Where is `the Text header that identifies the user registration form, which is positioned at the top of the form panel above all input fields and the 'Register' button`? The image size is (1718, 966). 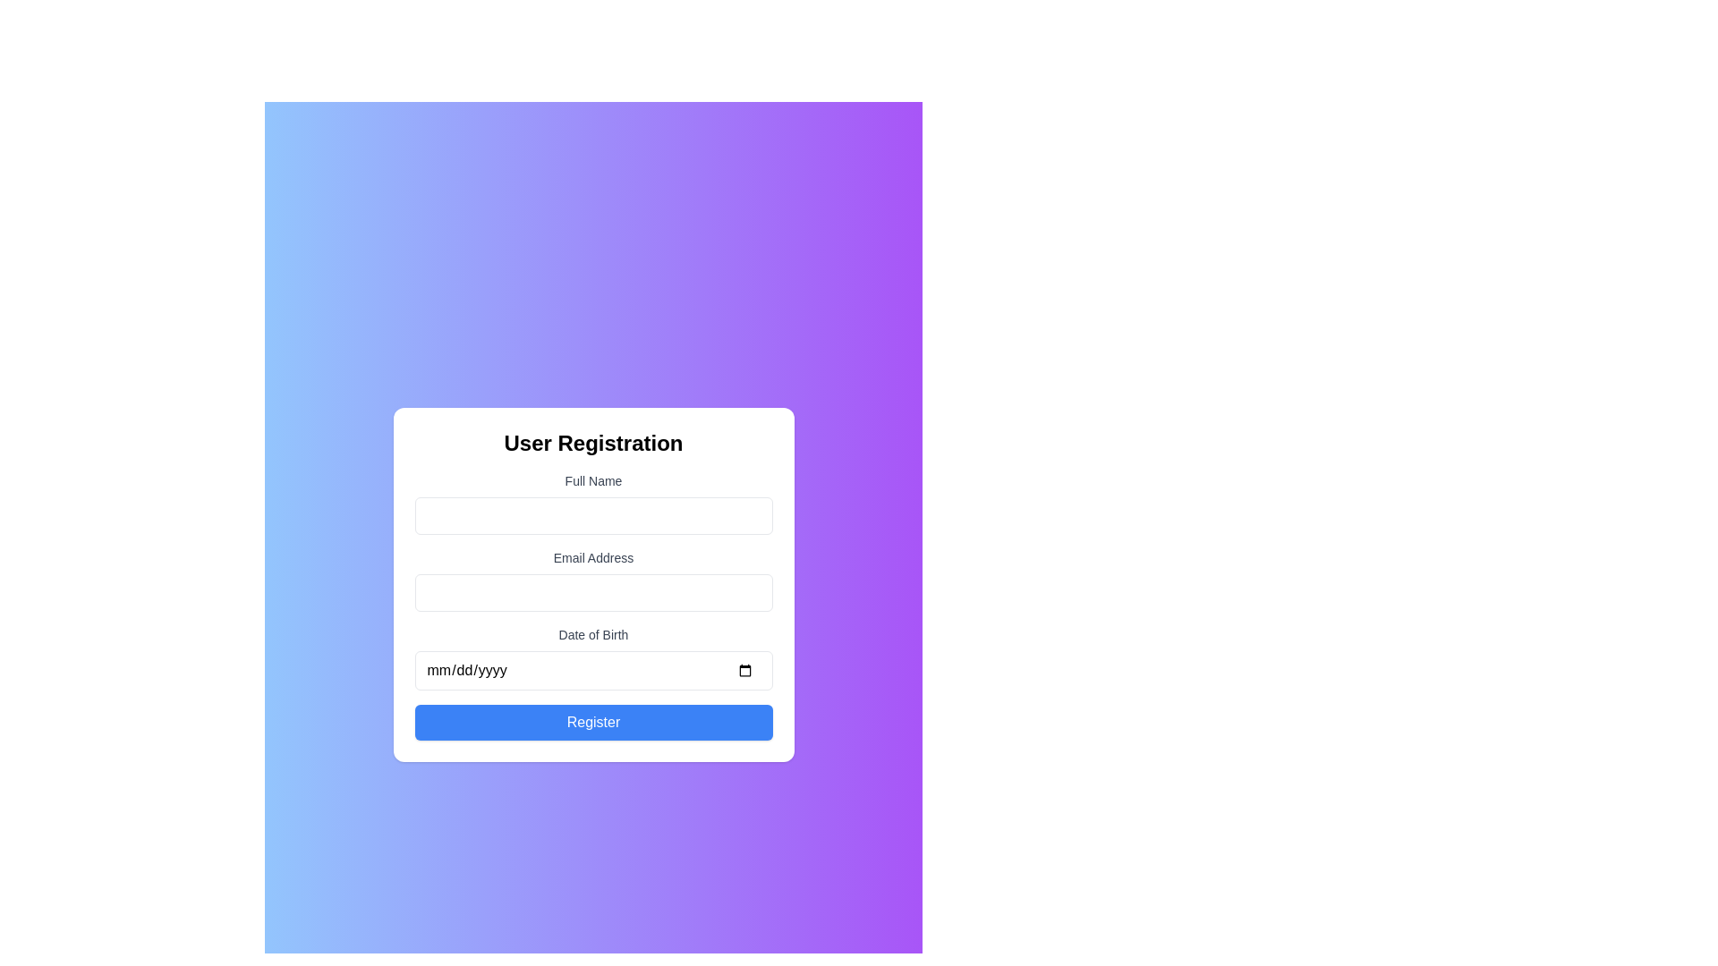 the Text header that identifies the user registration form, which is positioned at the top of the form panel above all input fields and the 'Register' button is located at coordinates (593, 443).